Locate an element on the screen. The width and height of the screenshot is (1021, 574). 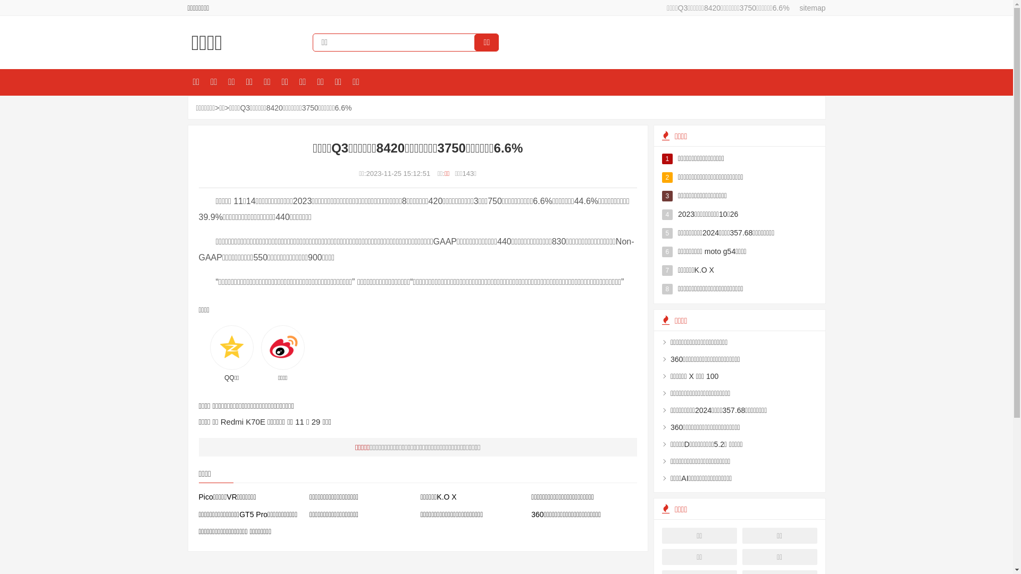
'sitemap' is located at coordinates (808, 8).